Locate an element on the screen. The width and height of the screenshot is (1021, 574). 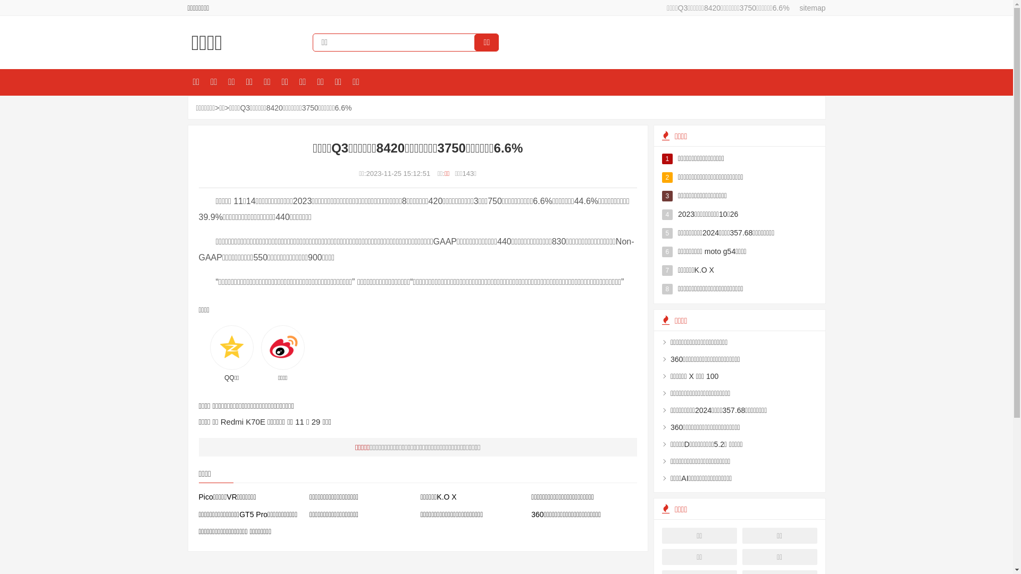
'sitemap' is located at coordinates (808, 8).